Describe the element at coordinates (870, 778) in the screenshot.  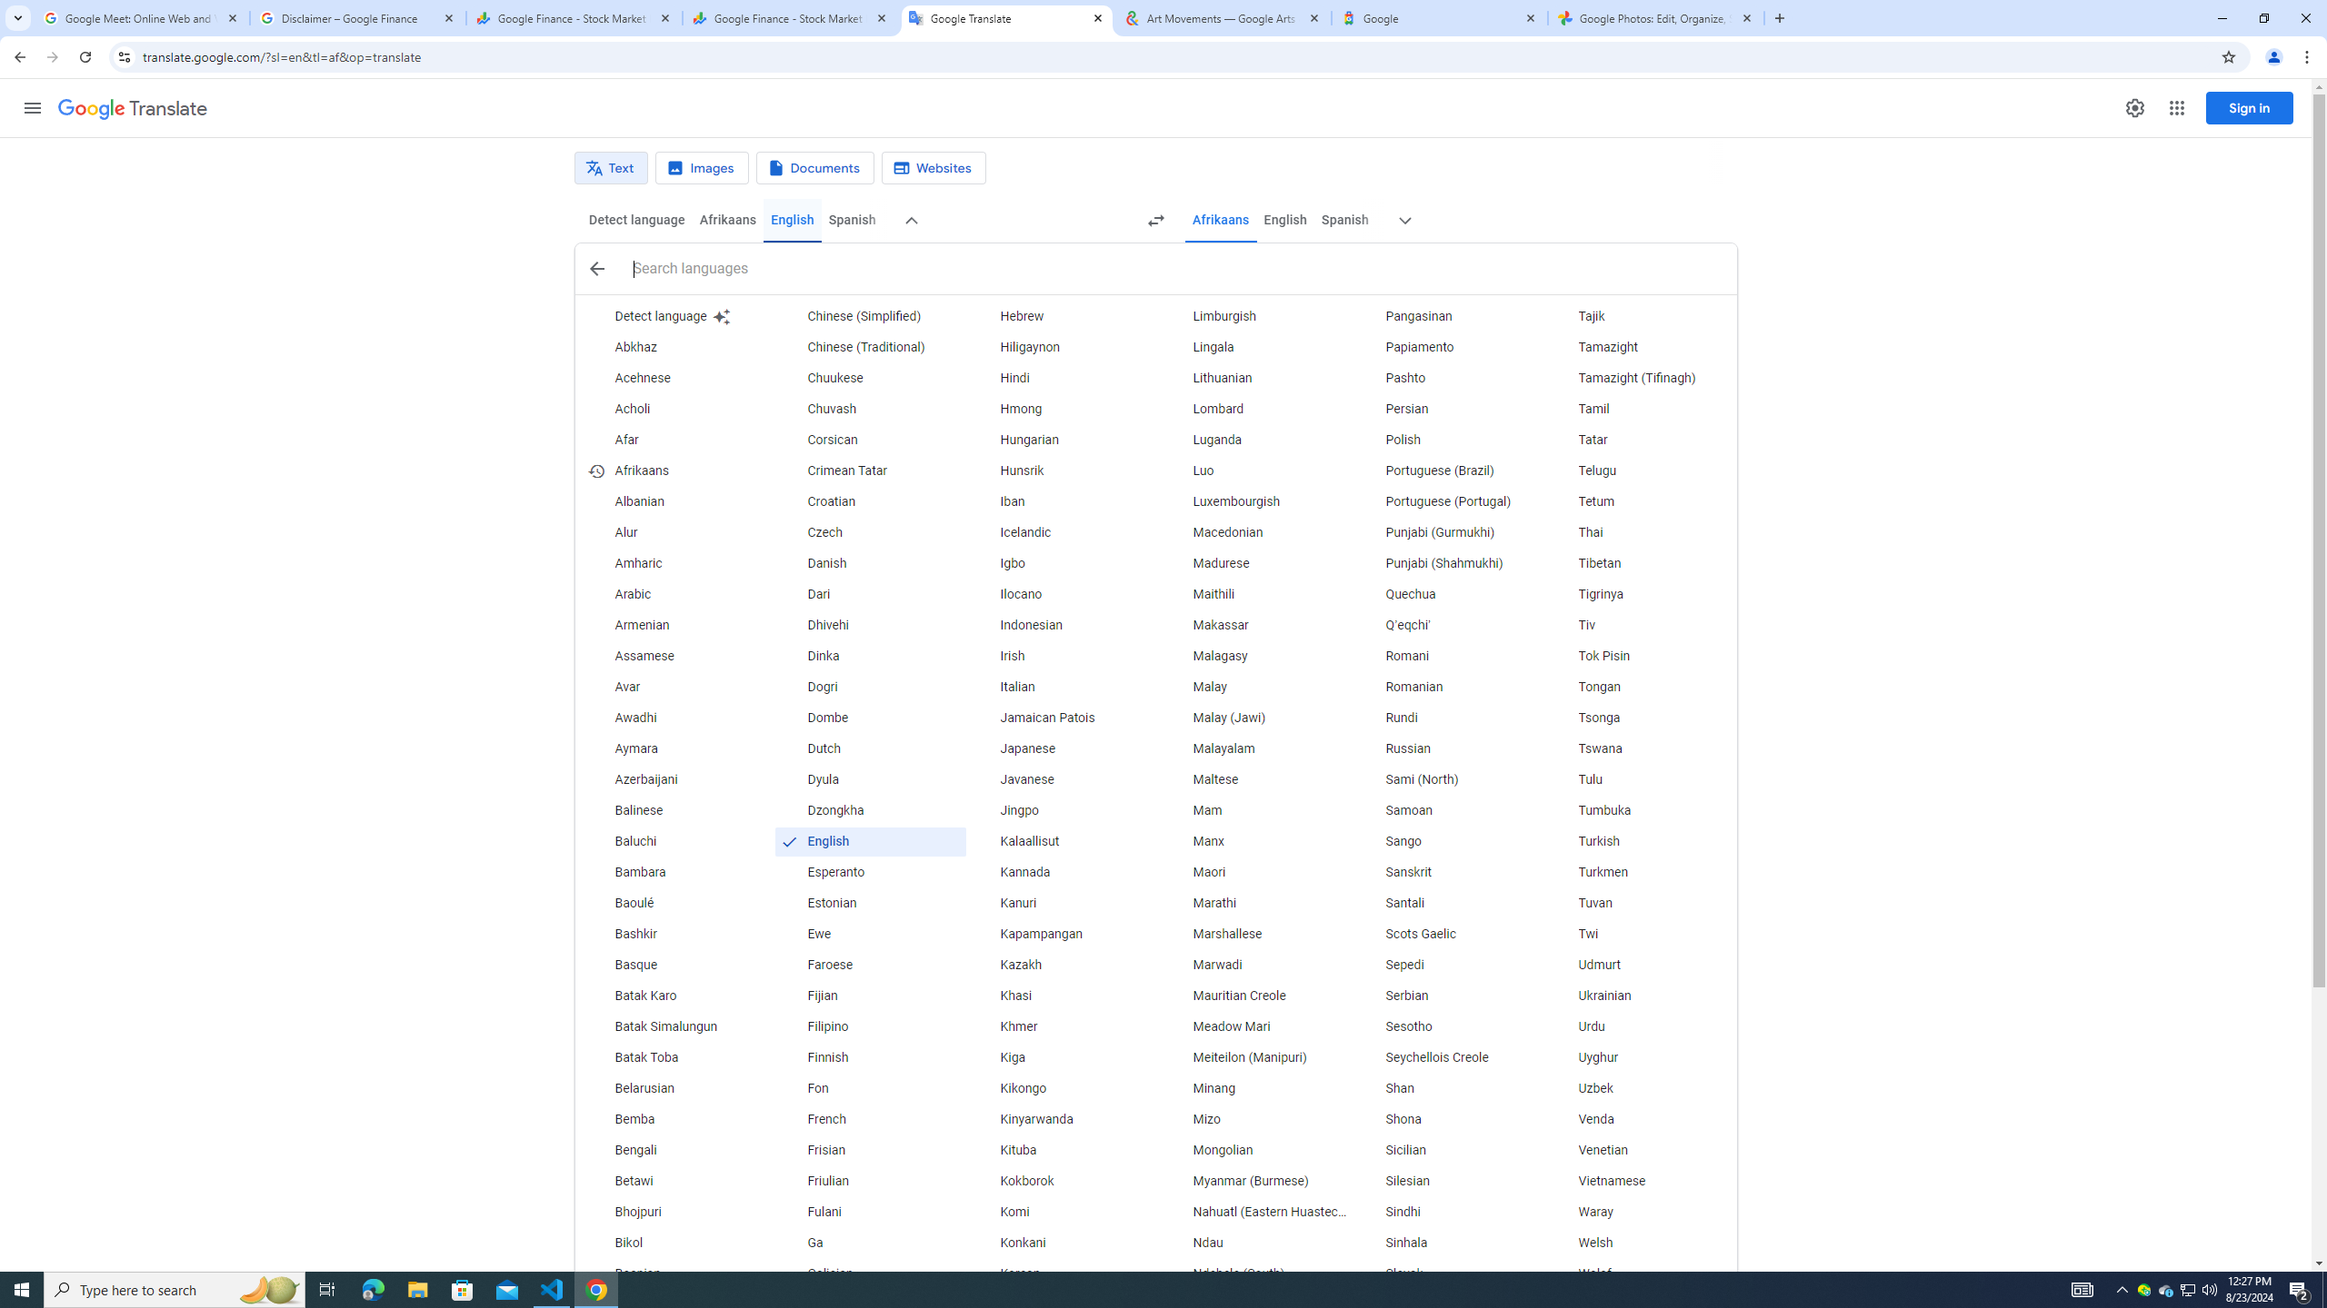
I see `'Dyula'` at that location.